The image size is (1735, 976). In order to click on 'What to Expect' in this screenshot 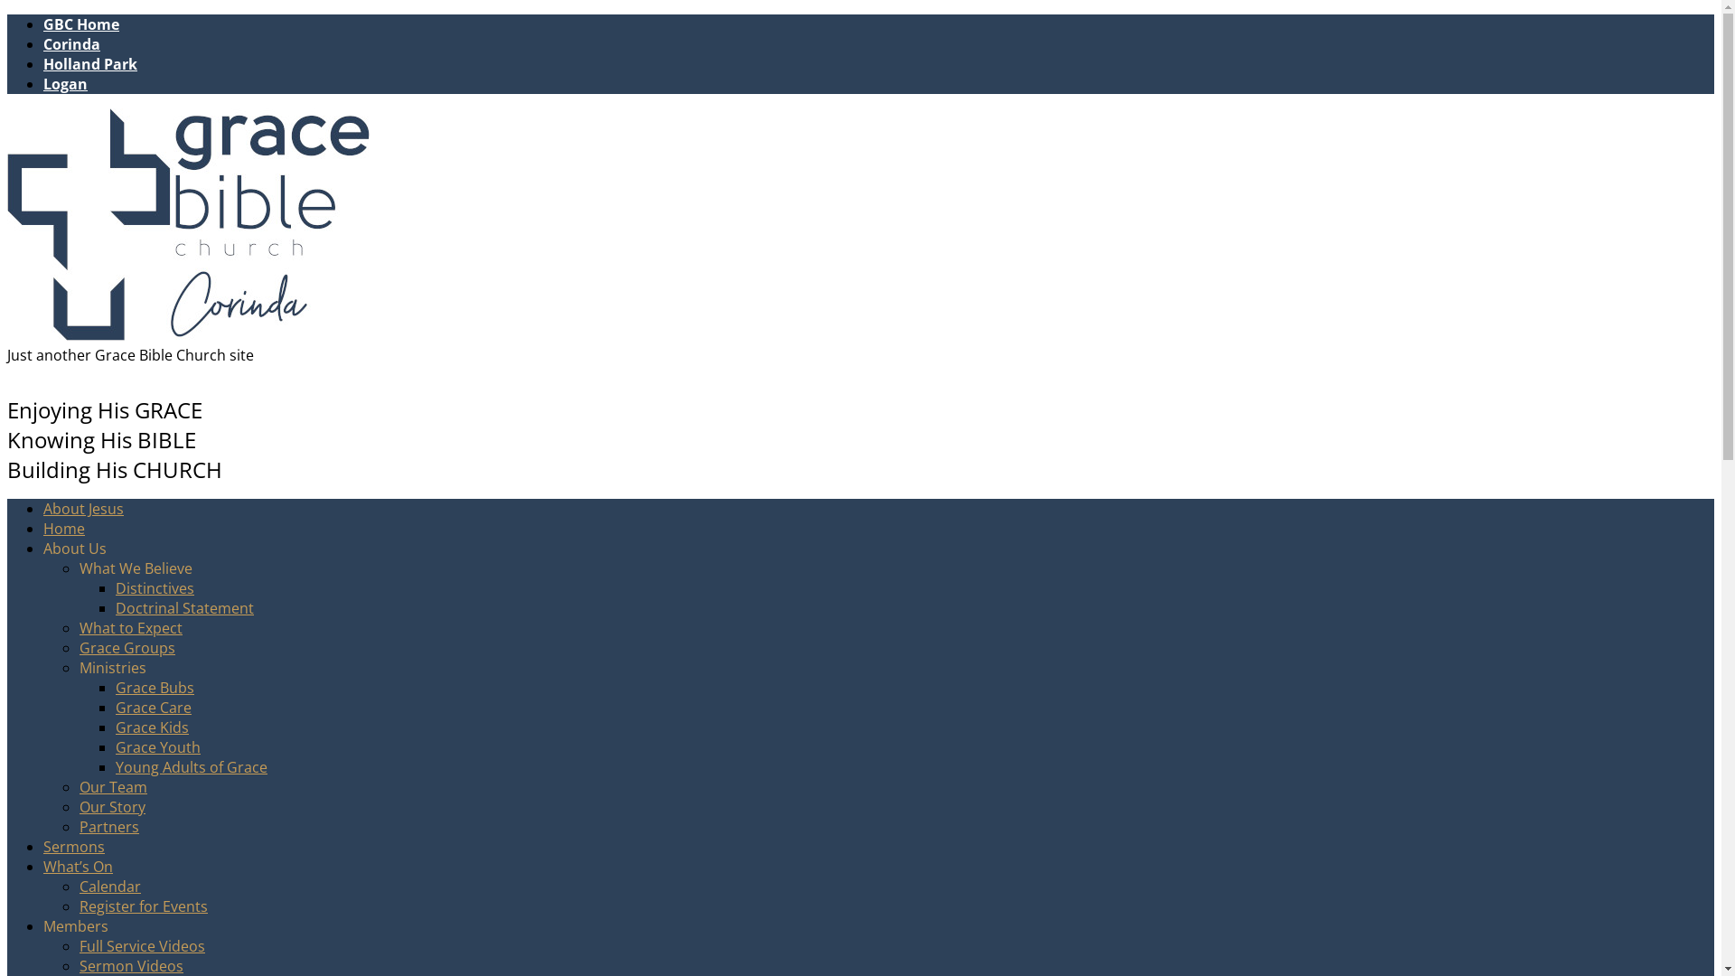, I will do `click(78, 626)`.